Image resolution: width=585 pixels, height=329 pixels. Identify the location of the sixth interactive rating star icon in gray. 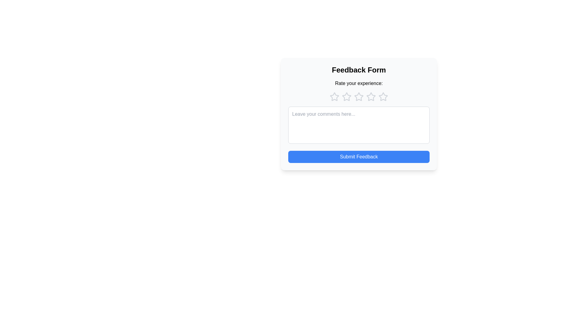
(371, 96).